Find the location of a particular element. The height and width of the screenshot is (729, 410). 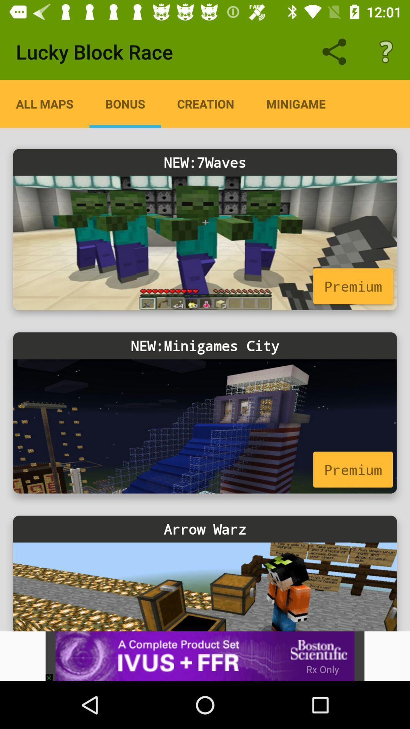

the item at the bottom left corner is located at coordinates (52, 674).